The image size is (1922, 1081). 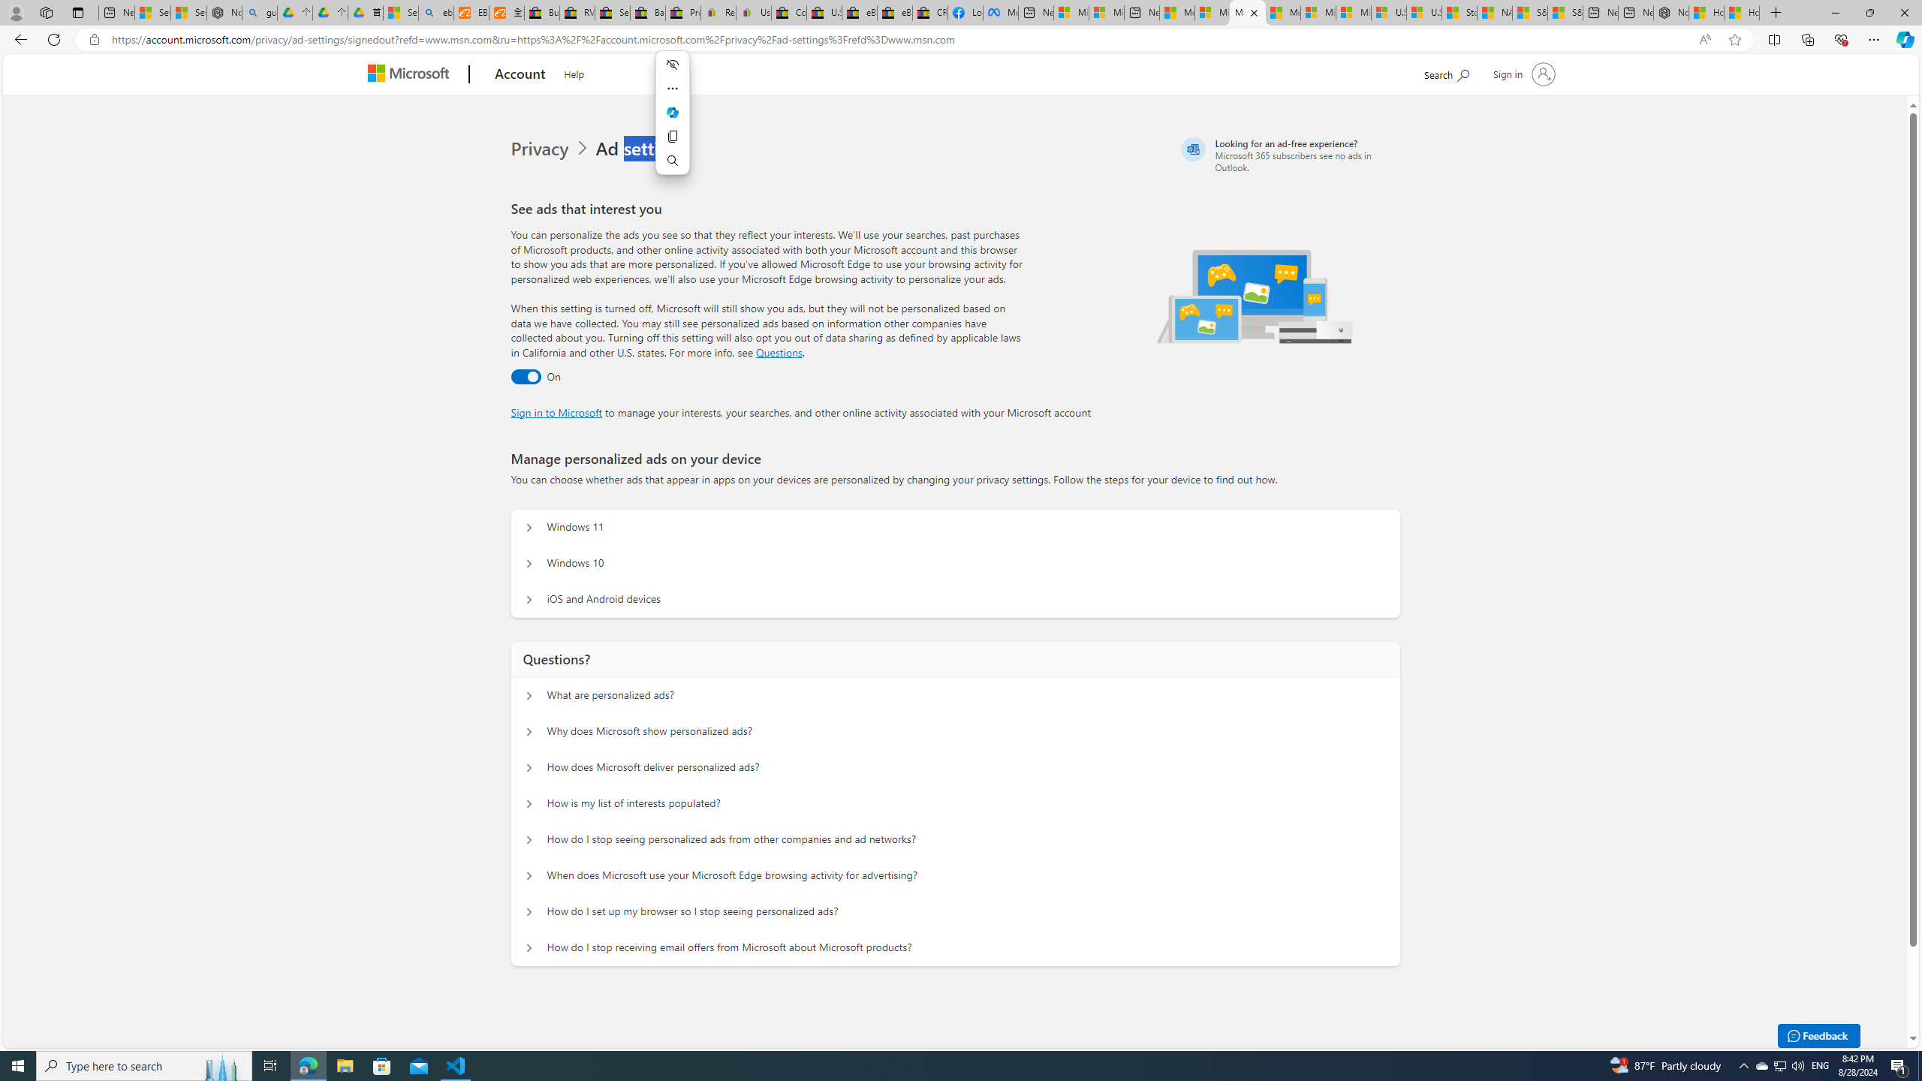 What do you see at coordinates (965, 12) in the screenshot?
I see `'Log into Facebook'` at bounding box center [965, 12].